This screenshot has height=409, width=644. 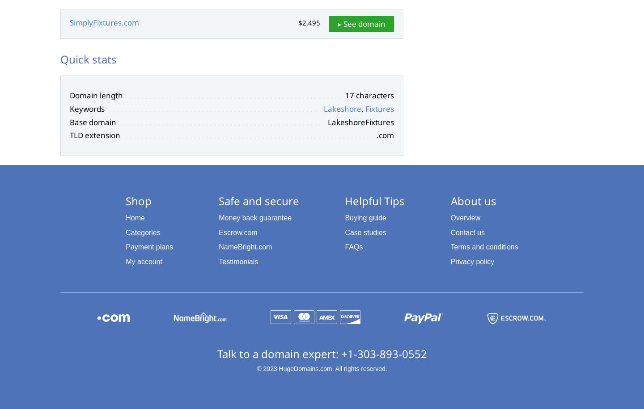 I want to click on 'SimplyFixtures.com', so click(x=104, y=22).